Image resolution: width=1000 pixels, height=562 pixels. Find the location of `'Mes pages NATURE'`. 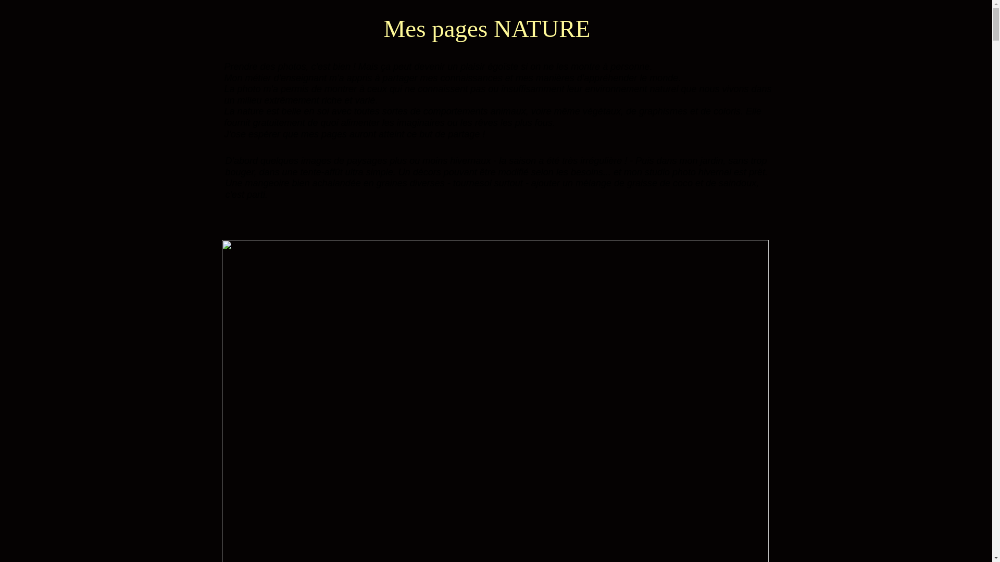

'Mes pages NATURE' is located at coordinates (486, 28).